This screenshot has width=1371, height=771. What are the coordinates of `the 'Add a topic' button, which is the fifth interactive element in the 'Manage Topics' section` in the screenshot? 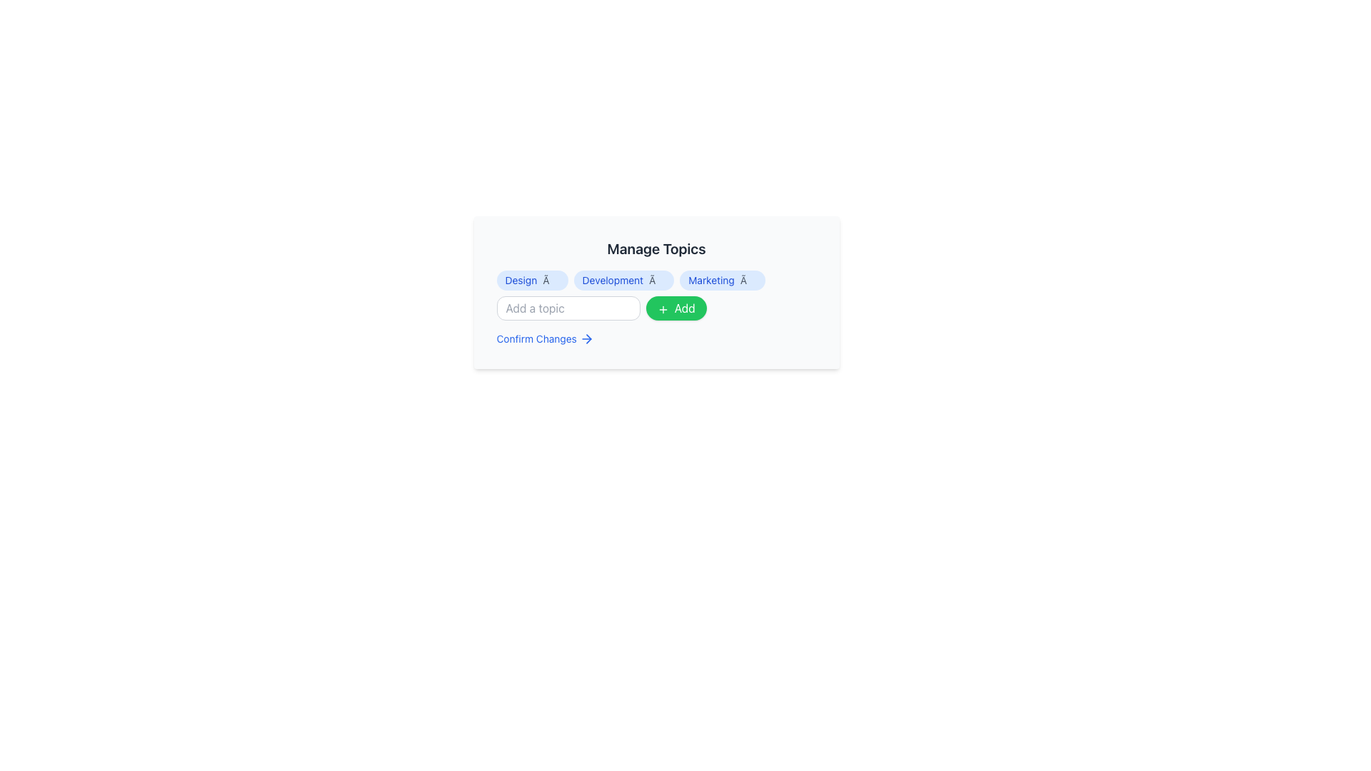 It's located at (676, 308).